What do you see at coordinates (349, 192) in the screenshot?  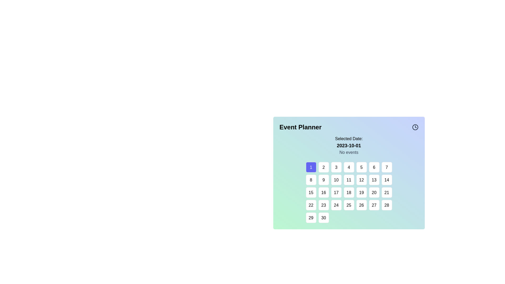 I see `the highlighted calendar date button numbered '18' in the third row and fourth column of the calendar grid in the 'Event Planner' interface` at bounding box center [349, 192].